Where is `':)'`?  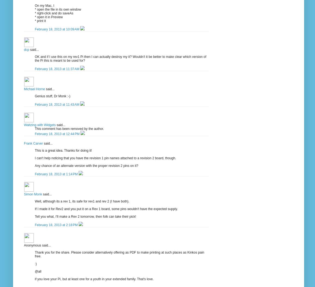 ':)' is located at coordinates (35, 264).